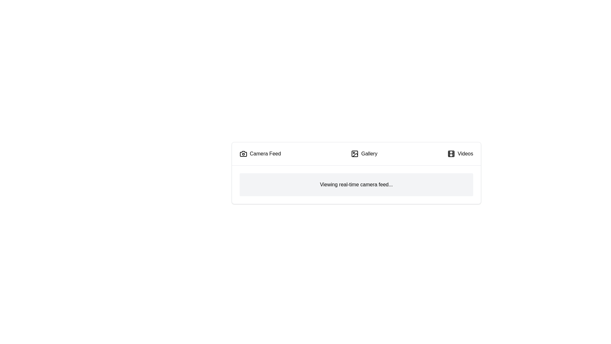 The height and width of the screenshot is (344, 611). Describe the element at coordinates (460, 154) in the screenshot. I see `the tab labeled Videos to observe its hover effect` at that location.